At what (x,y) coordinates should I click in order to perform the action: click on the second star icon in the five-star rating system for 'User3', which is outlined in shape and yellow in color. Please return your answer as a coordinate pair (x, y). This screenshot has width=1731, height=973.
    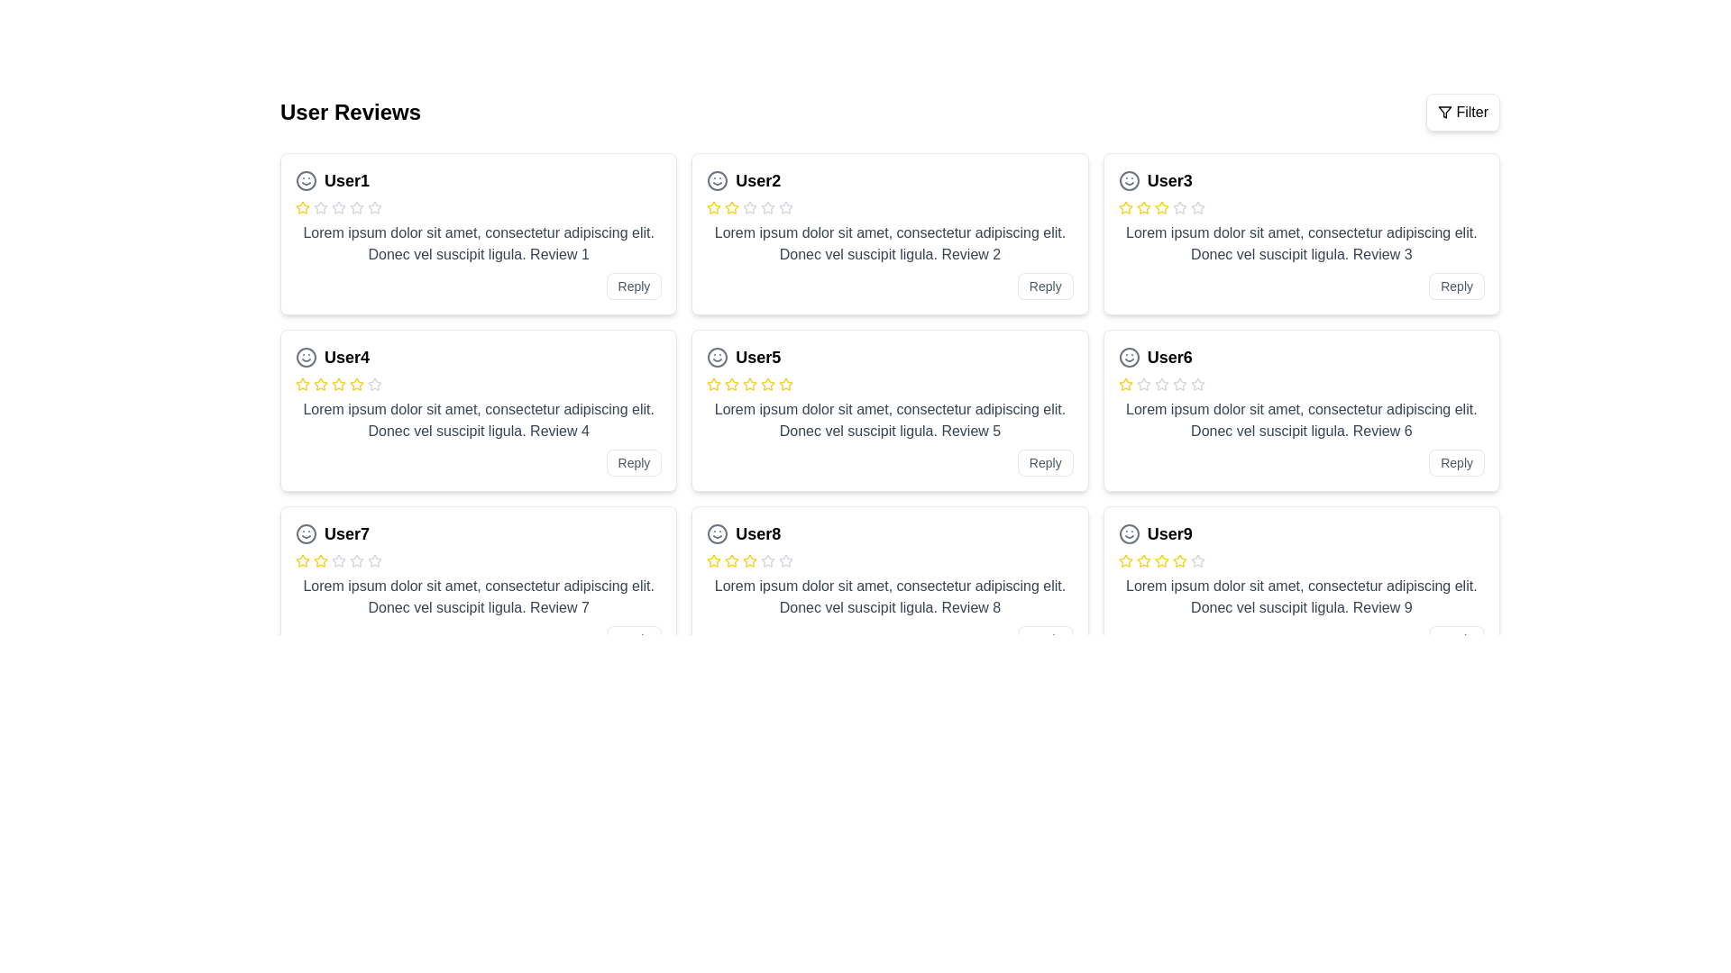
    Looking at the image, I should click on (1124, 206).